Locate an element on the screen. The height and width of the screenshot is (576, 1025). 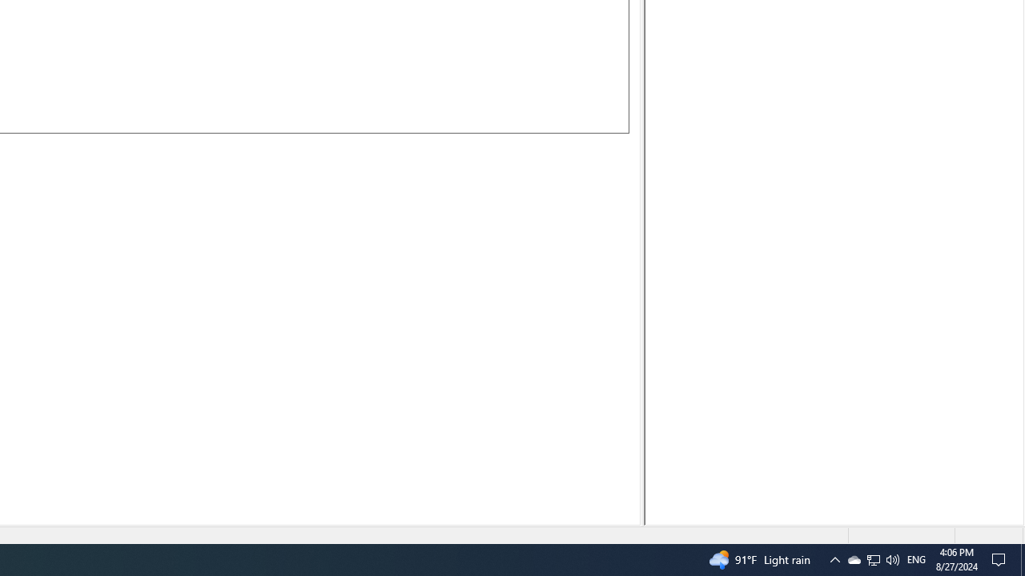
'Tray Input Indicator - English (United States)' is located at coordinates (916, 558).